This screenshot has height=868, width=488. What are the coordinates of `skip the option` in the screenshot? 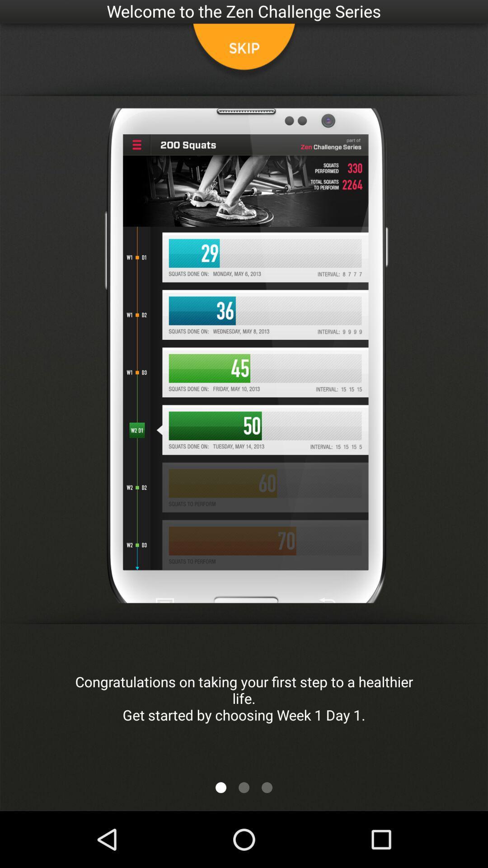 It's located at (244, 52).